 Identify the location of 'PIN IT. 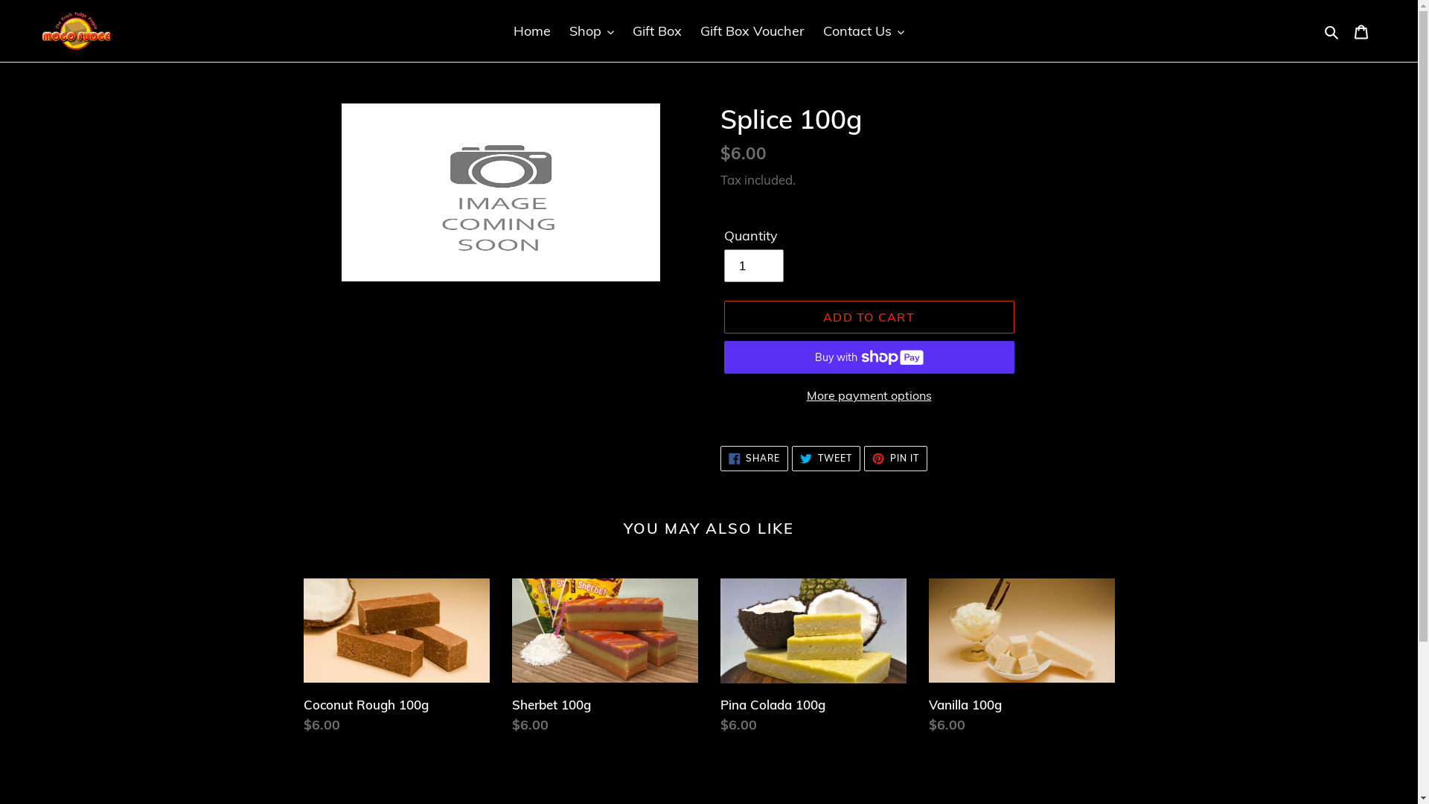
(895, 458).